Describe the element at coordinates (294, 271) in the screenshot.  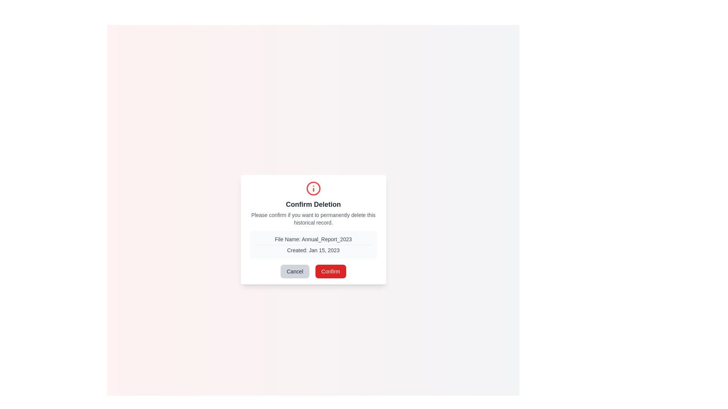
I see `the cancel button located in the bottom-center region of the modal dialog box, to the left of the 'Confirm' button` at that location.